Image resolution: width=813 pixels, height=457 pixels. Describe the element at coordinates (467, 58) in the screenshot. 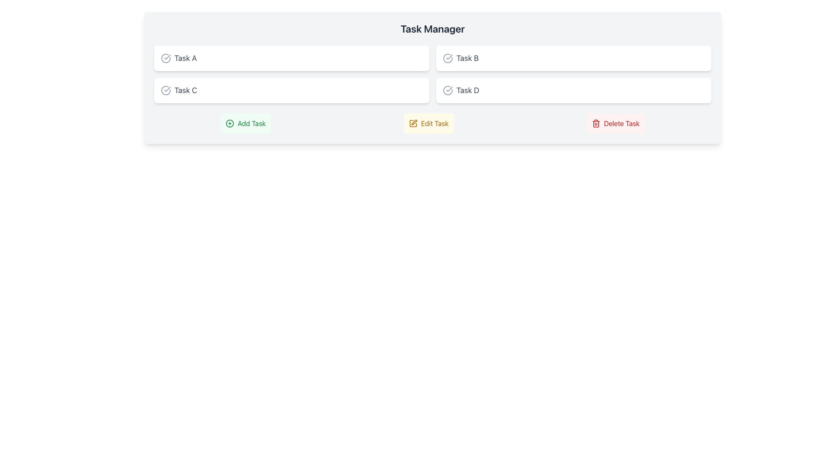

I see `the text label displaying 'Task B' located in the second card of the task list interface` at that location.